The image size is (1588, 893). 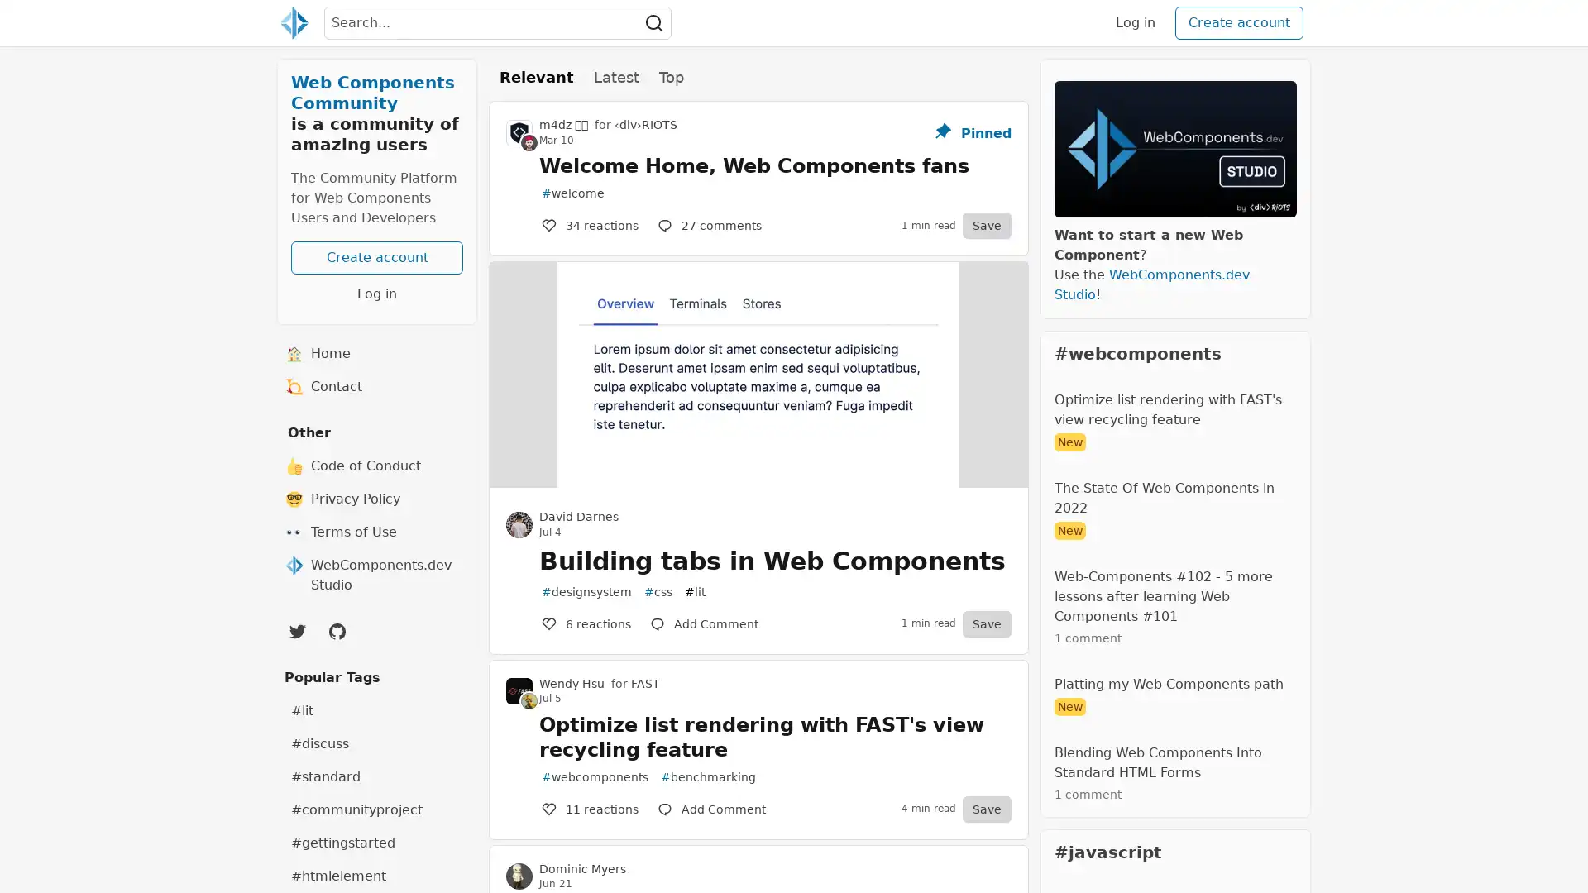 I want to click on Search, so click(x=653, y=22).